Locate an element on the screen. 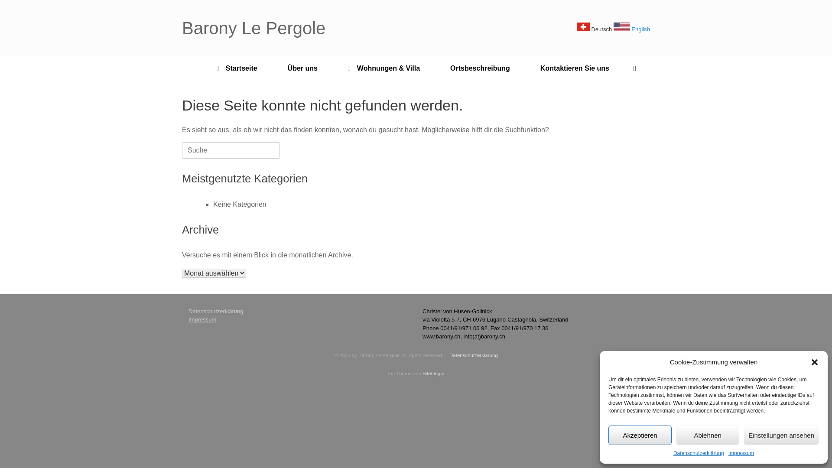 The image size is (832, 468). 'Barony Le Pergole' is located at coordinates (253, 28).